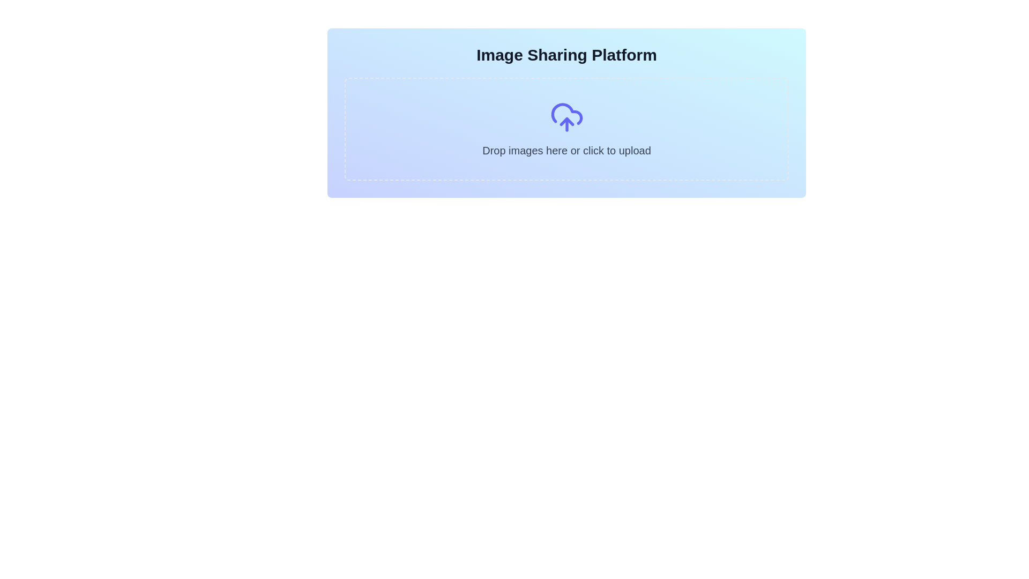 Image resolution: width=1029 pixels, height=579 pixels. Describe the element at coordinates (566, 151) in the screenshot. I see `the instructional text label that reads 'Drop images here or click to upload', which is styled with a large font size and light gray color, located beneath an upload cloud icon in the center of the application interface` at that location.